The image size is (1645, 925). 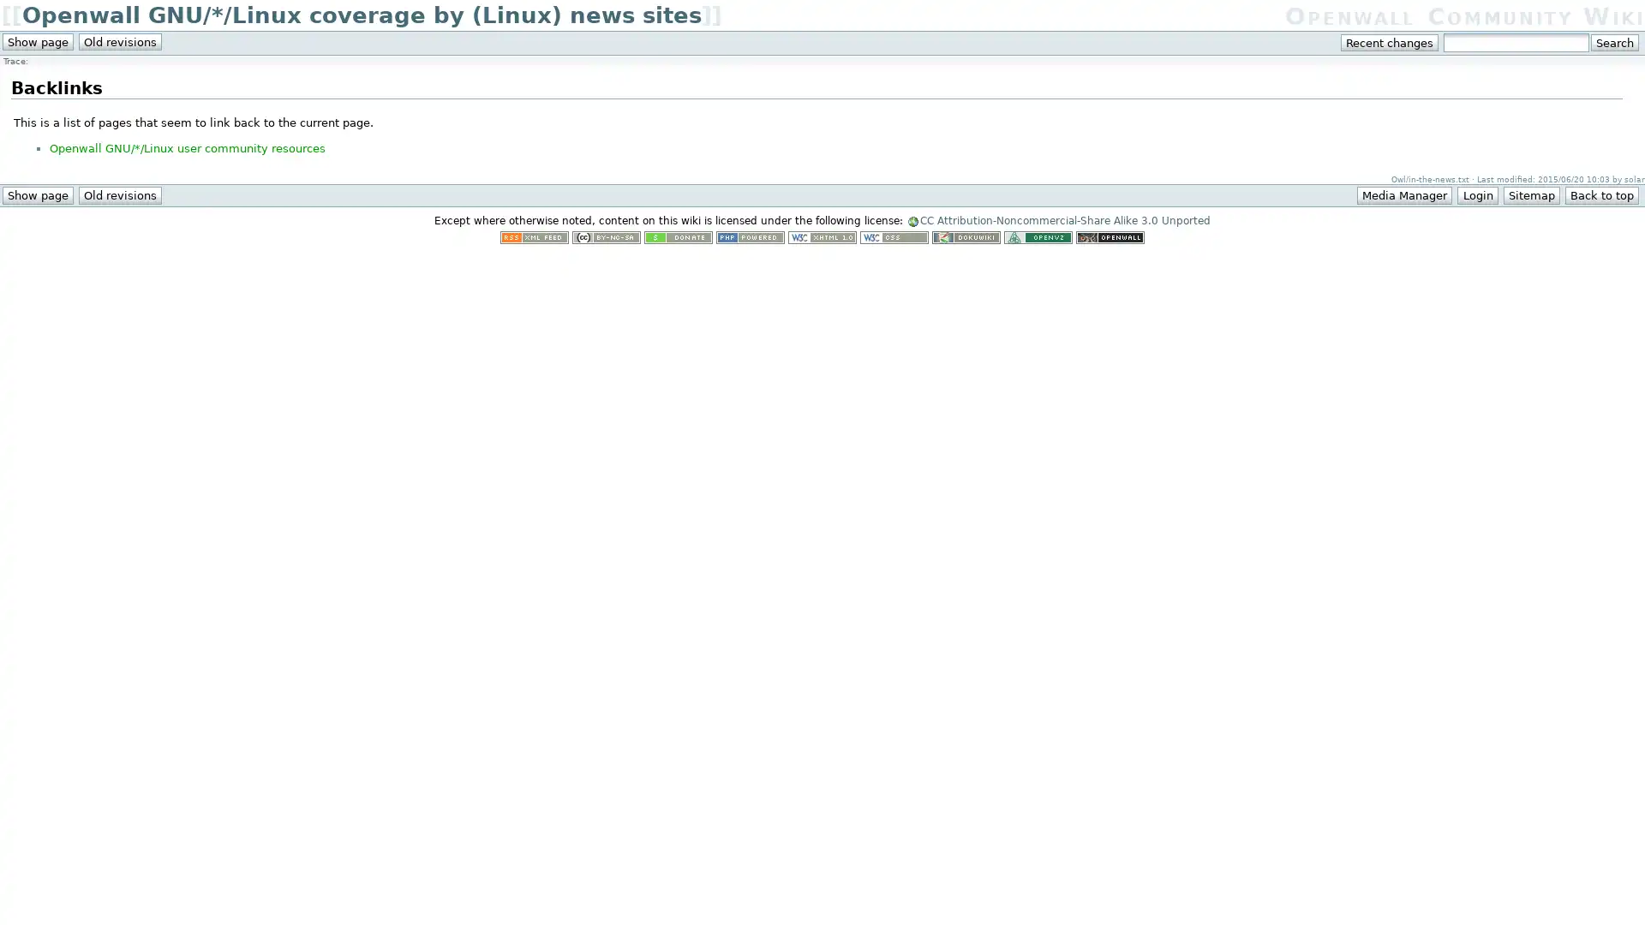 What do you see at coordinates (1600, 194) in the screenshot?
I see `Back to top` at bounding box center [1600, 194].